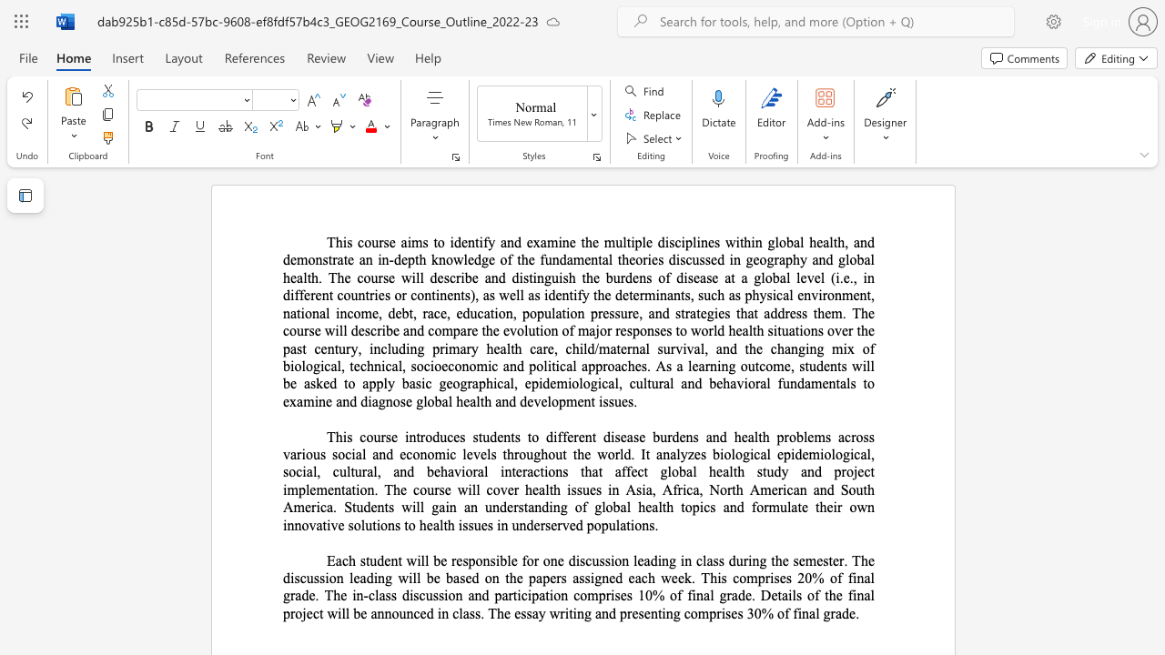 This screenshot has width=1165, height=655. I want to click on the subset text "health topics and formulate their own innovative solu" within the text "This course introduces students to different disease burdens and health problems across various social and economic levels throughout the world. It analyzes biological epidemiological, social, cultural, and behavioral interactions that affect global health study and project implementation. The course will cover health issues in Asia, Africa, North American and South America. Students will gain an understanding of global health topics and formulate their own innovative solutions to health issues in underserv", so click(638, 507).